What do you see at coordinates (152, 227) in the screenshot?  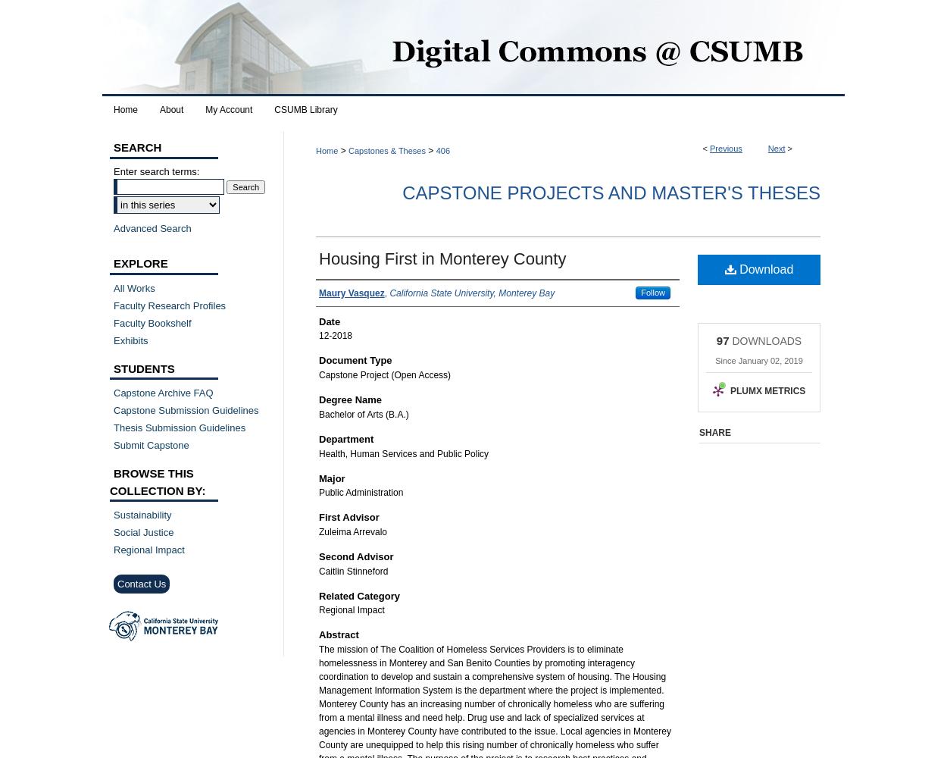 I see `'Advanced Search'` at bounding box center [152, 227].